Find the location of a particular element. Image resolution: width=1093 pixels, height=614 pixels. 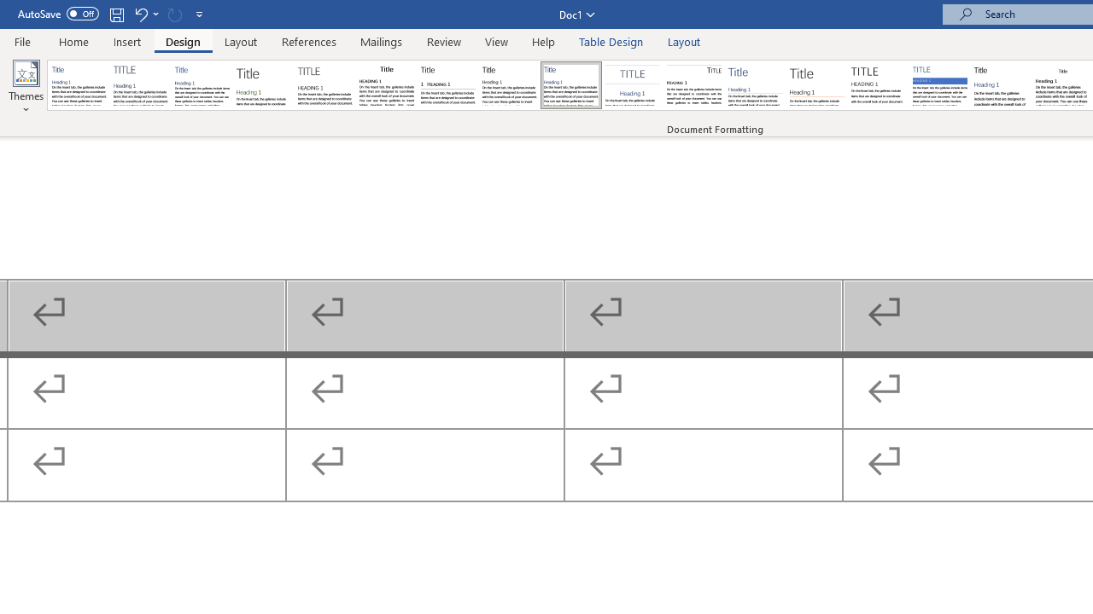

'Lines (Distinctive)' is located at coordinates (693, 85).